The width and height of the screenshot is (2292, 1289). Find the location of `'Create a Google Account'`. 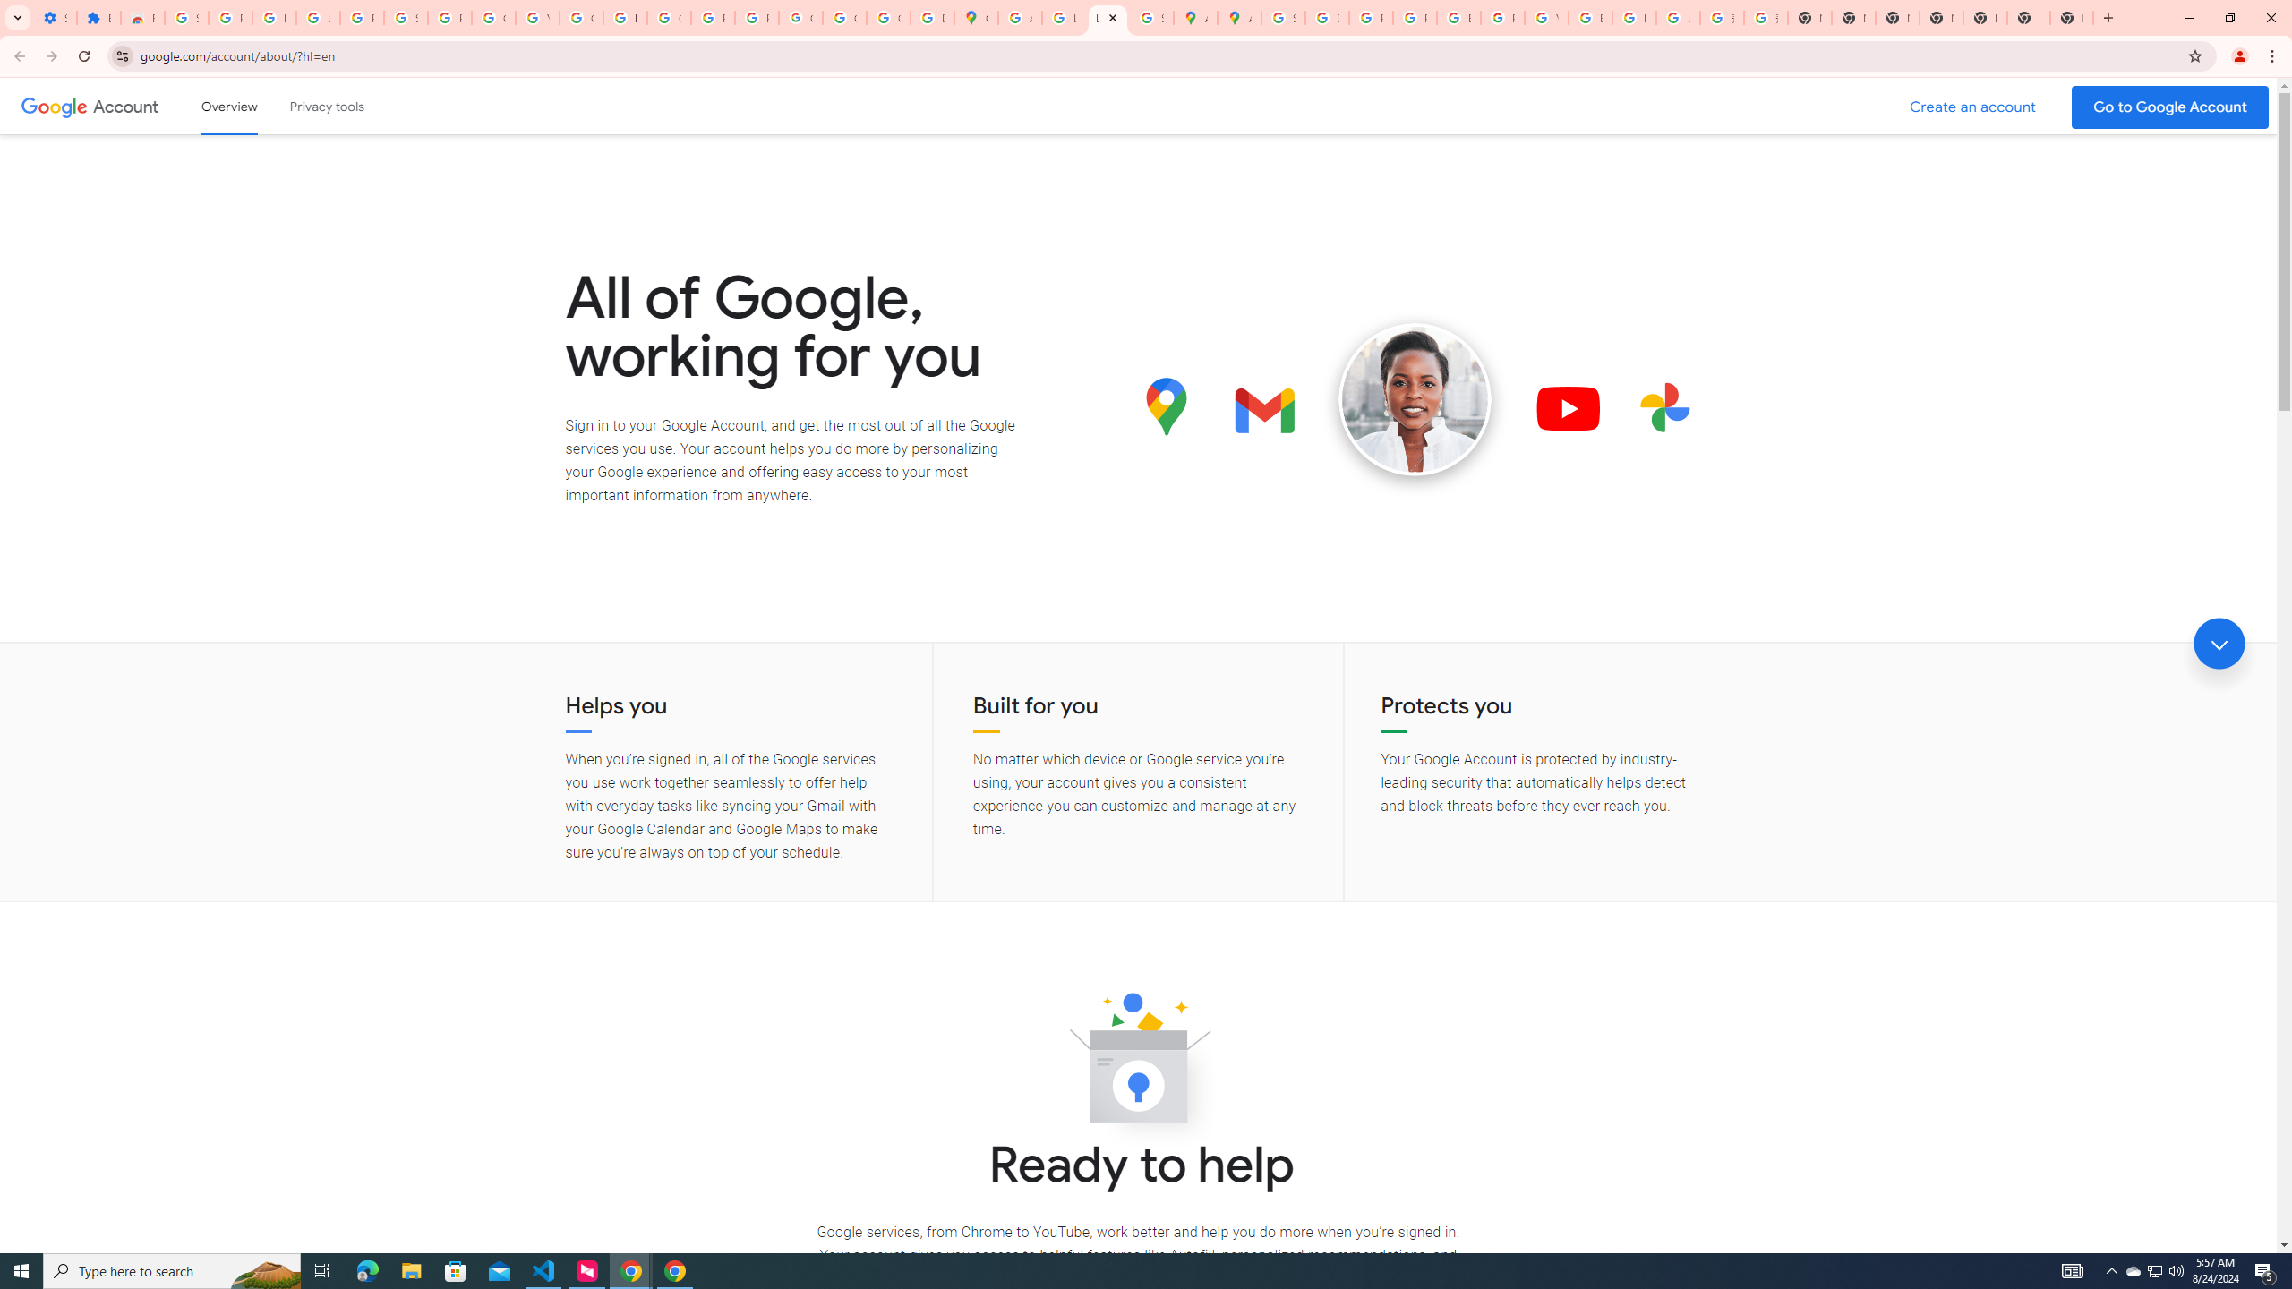

'Create a Google Account' is located at coordinates (1973, 107).